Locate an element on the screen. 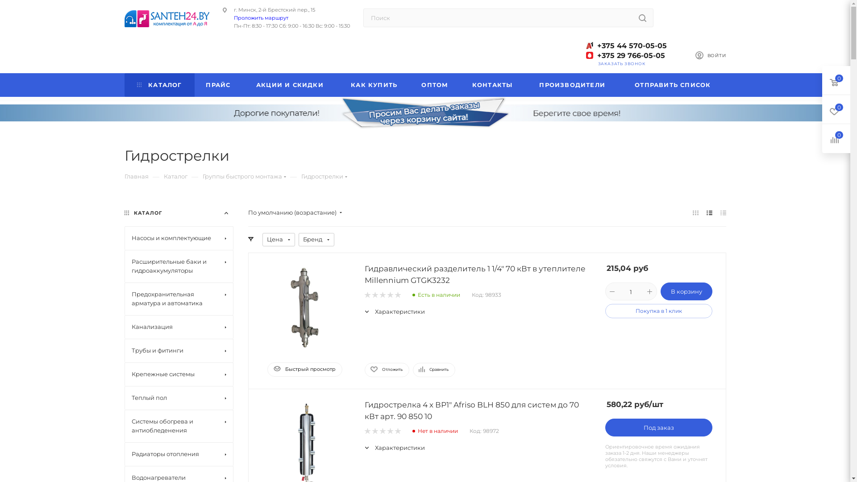  'mts.svg' is located at coordinates (589, 55).